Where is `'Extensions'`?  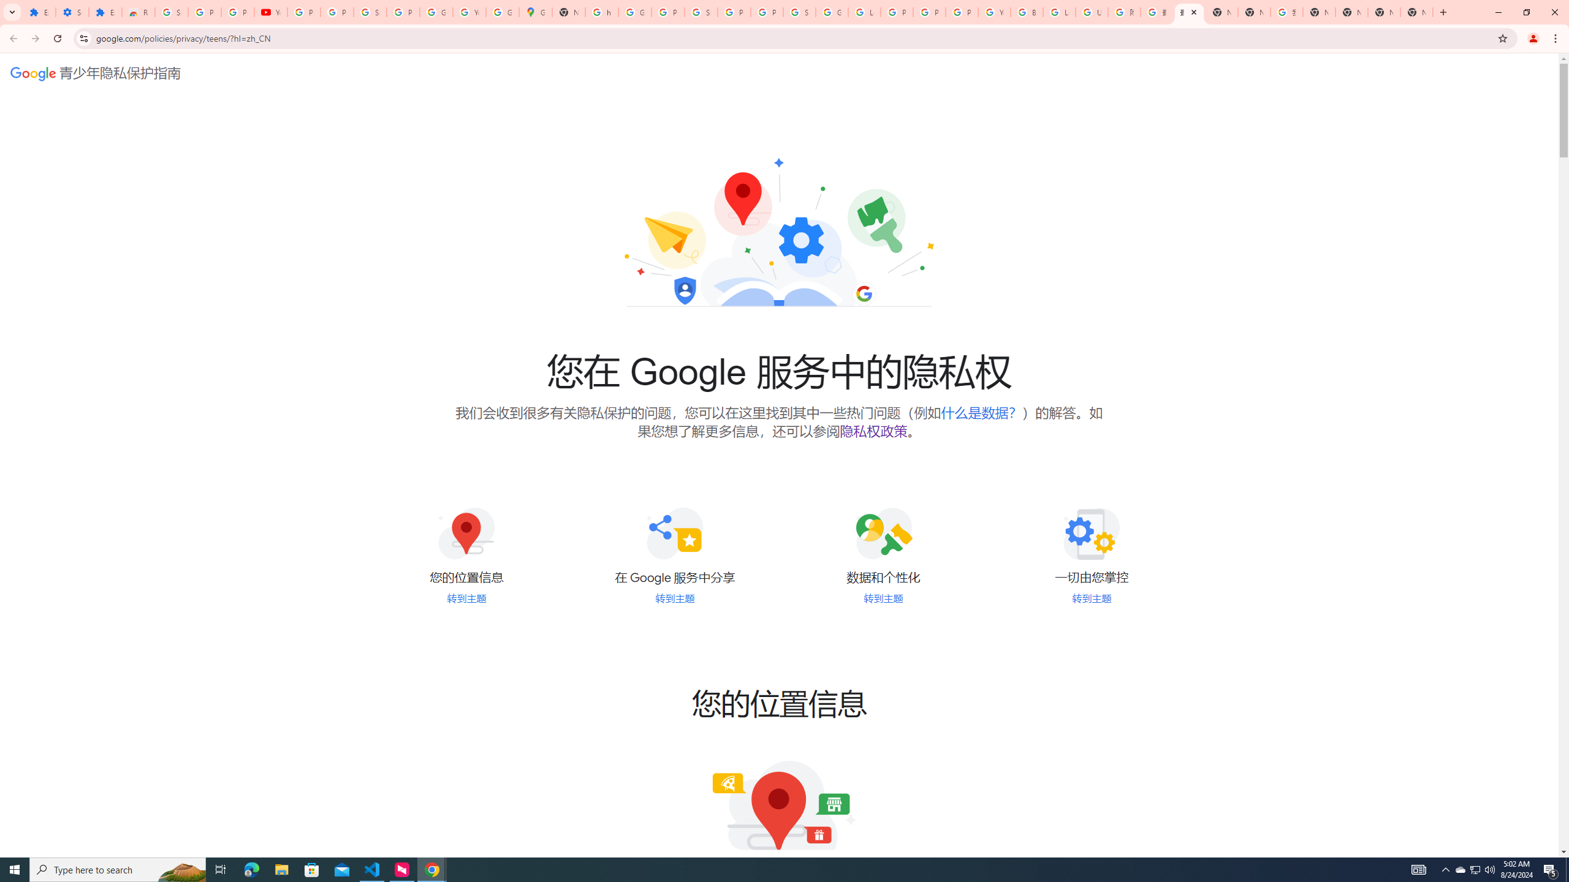
'Extensions' is located at coordinates (105, 12).